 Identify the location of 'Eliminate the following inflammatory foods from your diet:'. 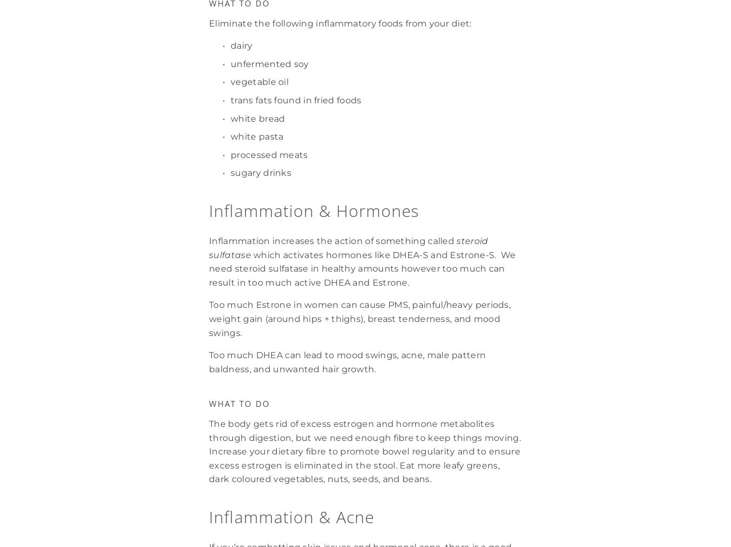
(208, 22).